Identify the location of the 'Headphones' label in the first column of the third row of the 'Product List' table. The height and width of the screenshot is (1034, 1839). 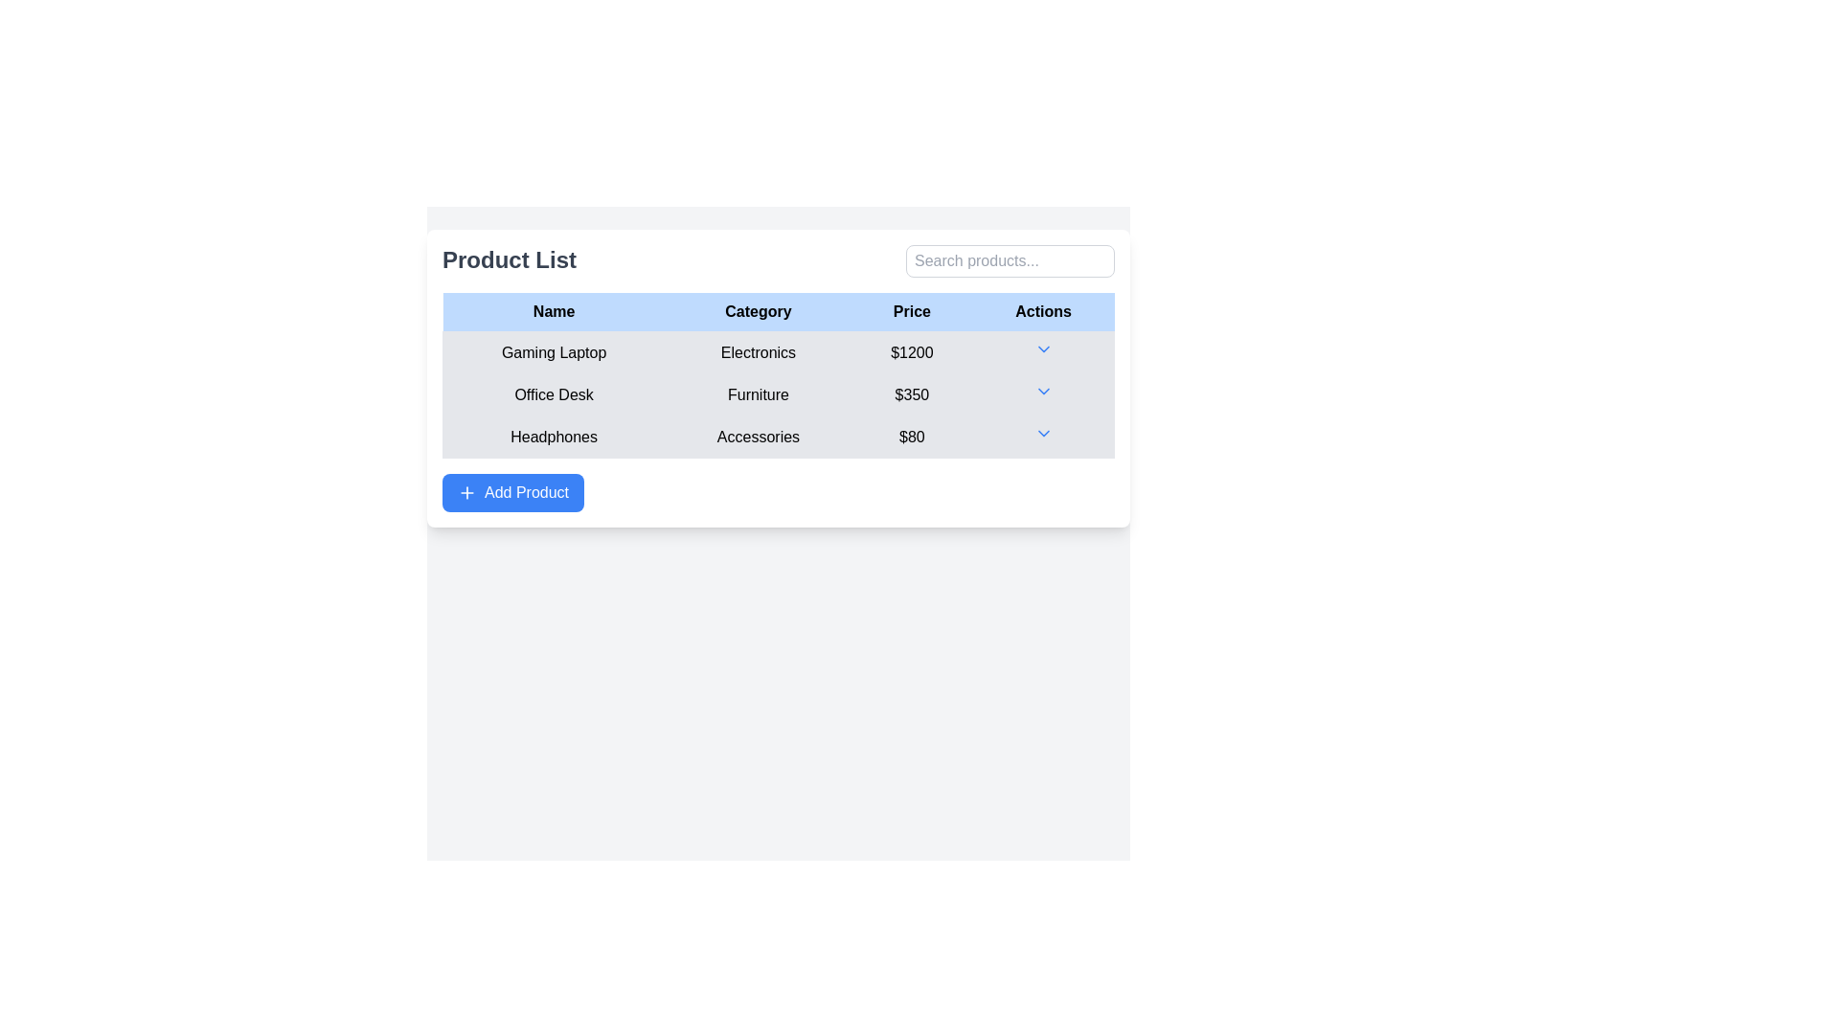
(553, 437).